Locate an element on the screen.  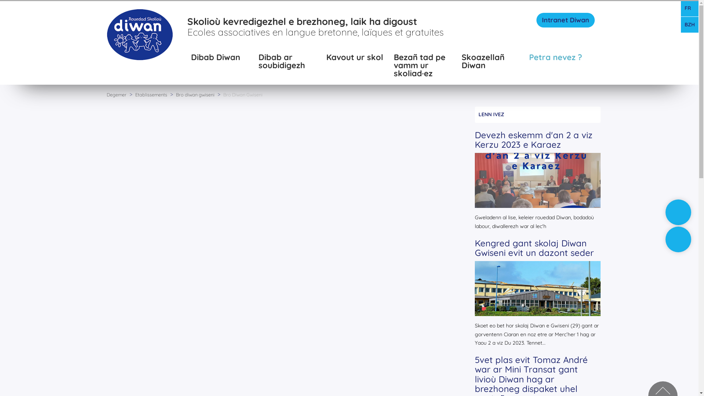
'Dibab ar soubidigezh' is located at coordinates (288, 62).